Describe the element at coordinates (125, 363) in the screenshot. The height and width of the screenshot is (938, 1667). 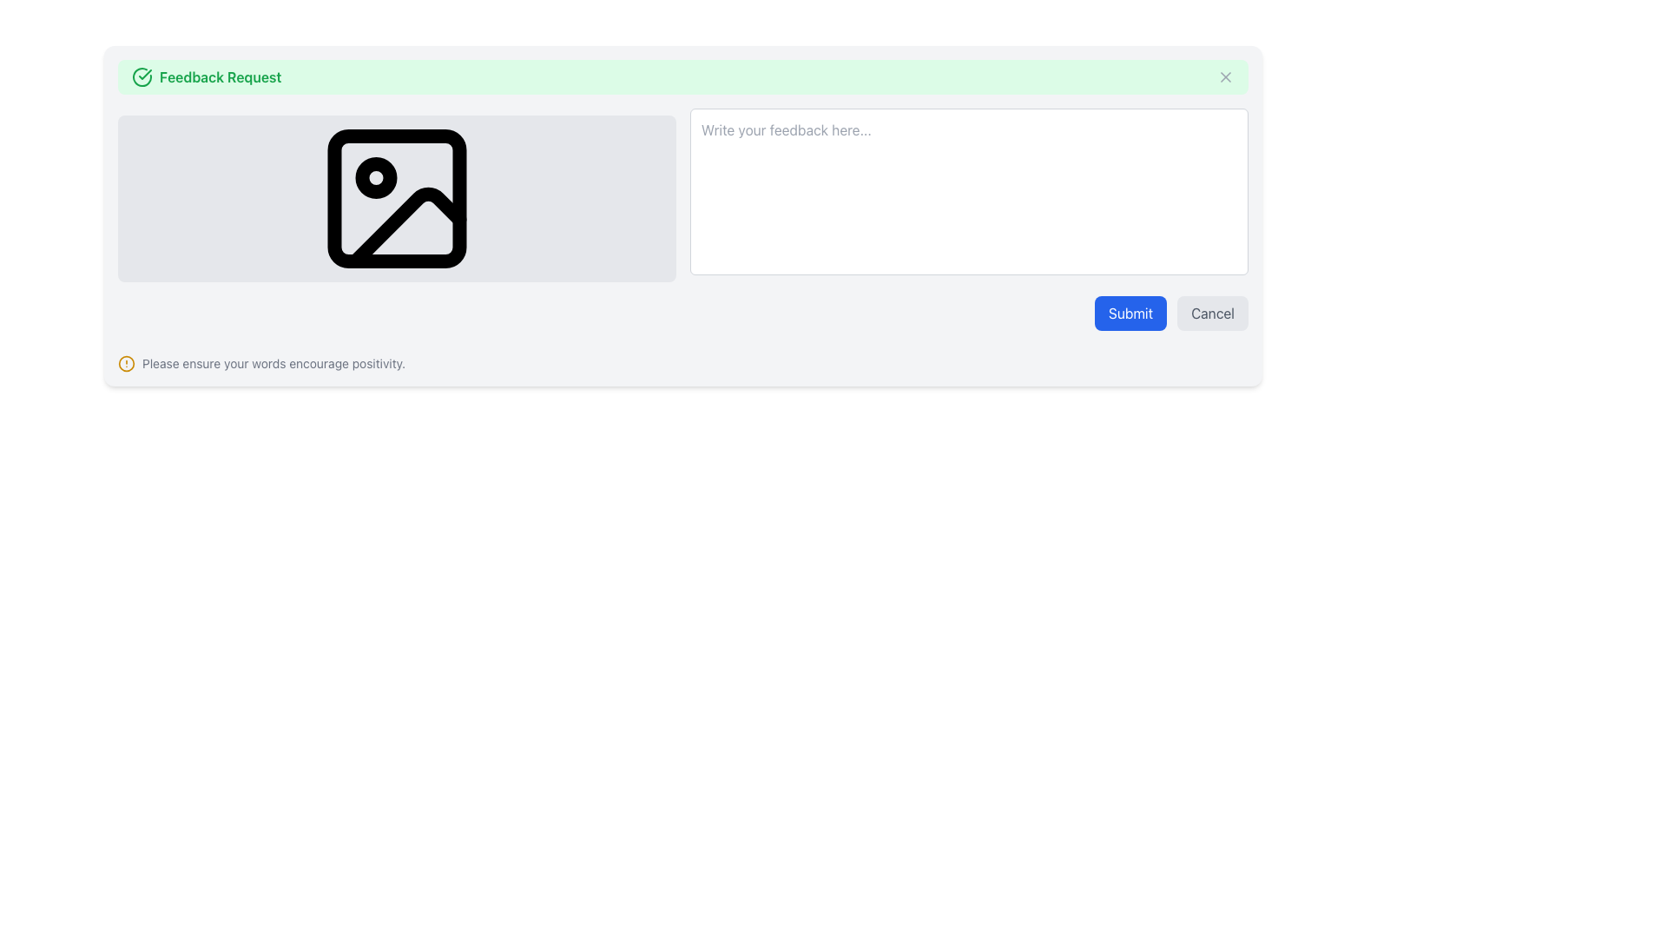
I see `the foundational circular base of the warning icon located at the bottom-left of the feedback interface` at that location.